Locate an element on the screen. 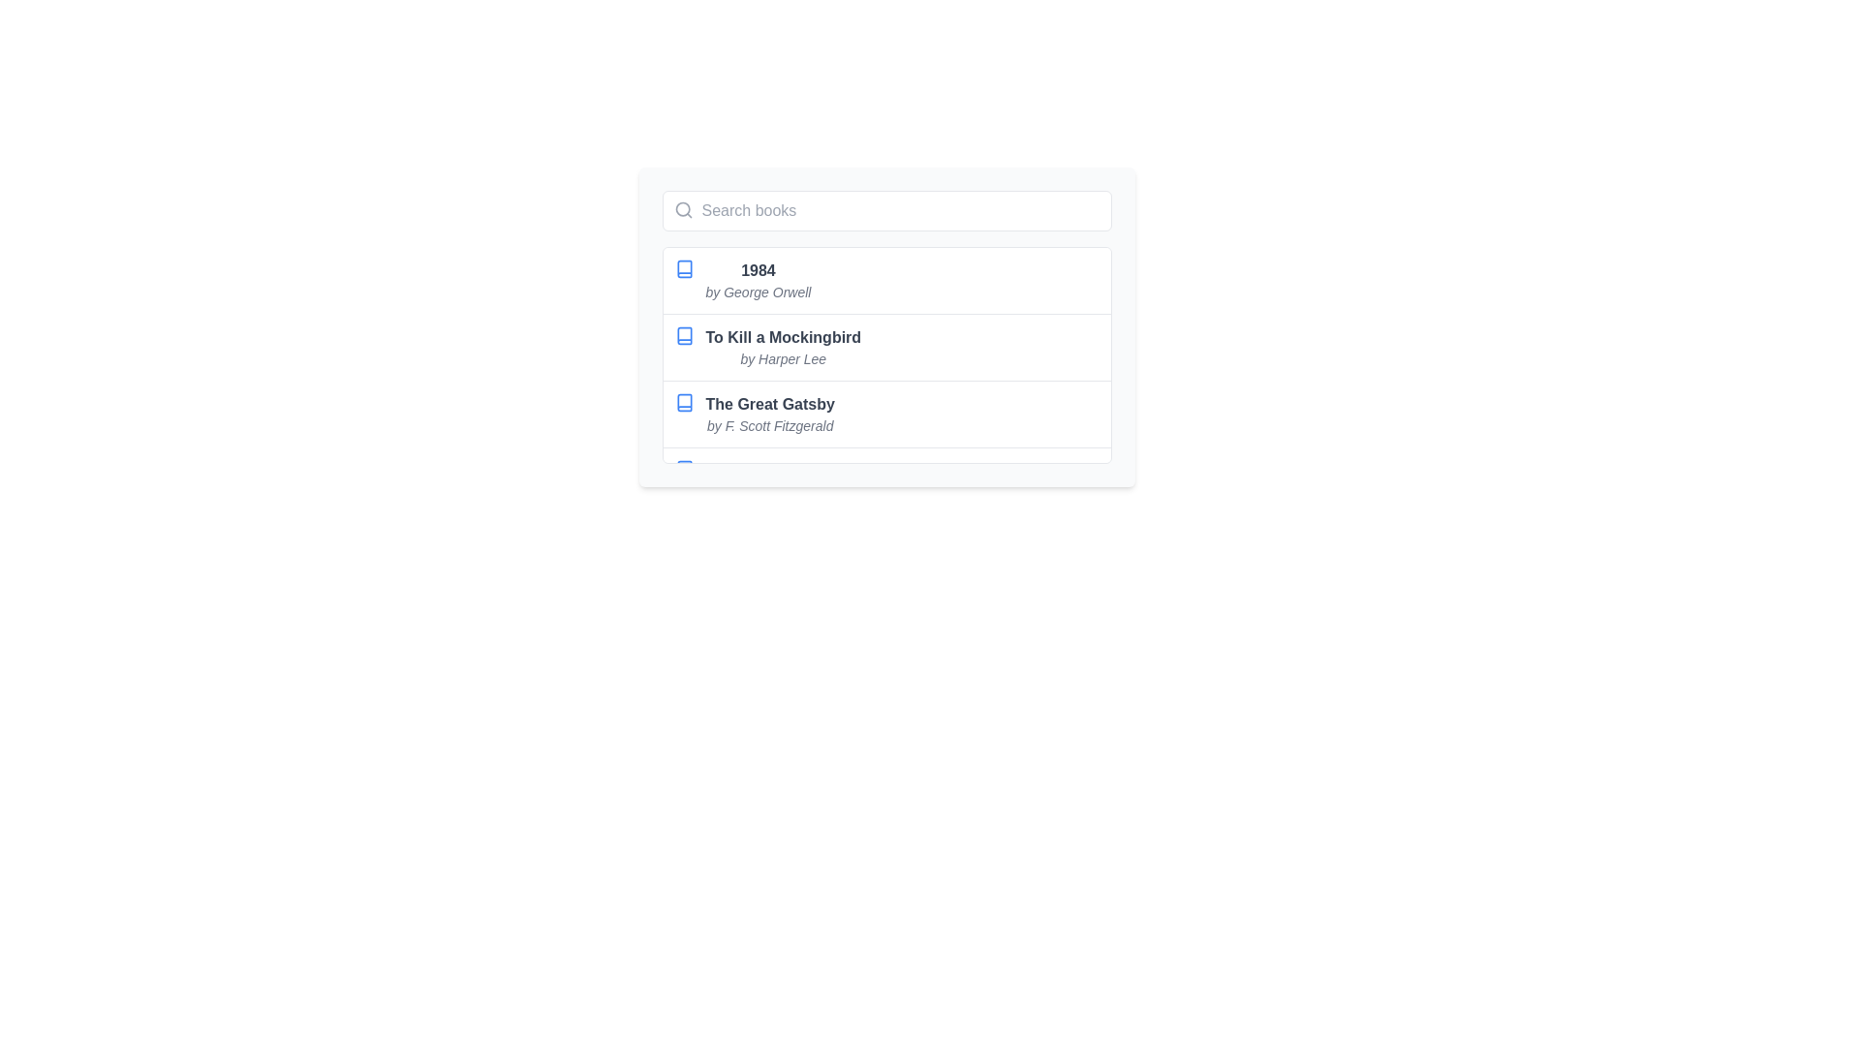 The height and width of the screenshot is (1046, 1860). the book '1984' is located at coordinates (757, 271).